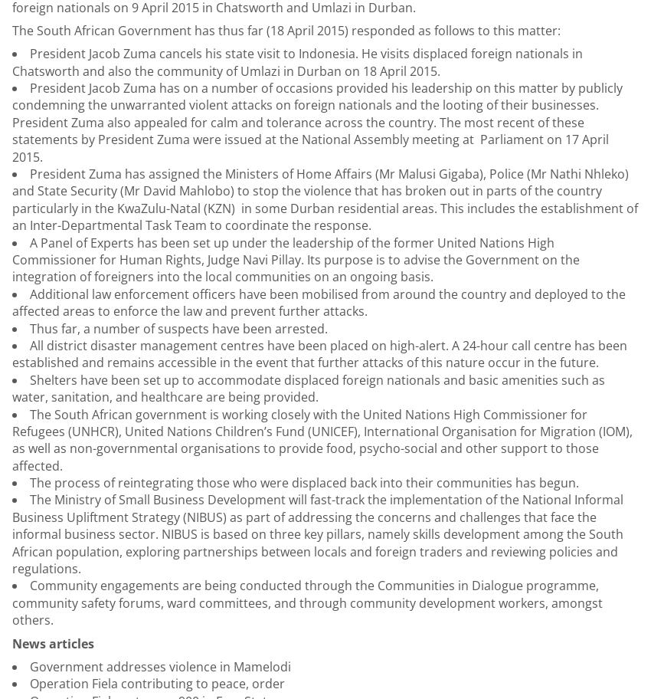 The height and width of the screenshot is (699, 651). I want to click on 'News articles', so click(11, 643).